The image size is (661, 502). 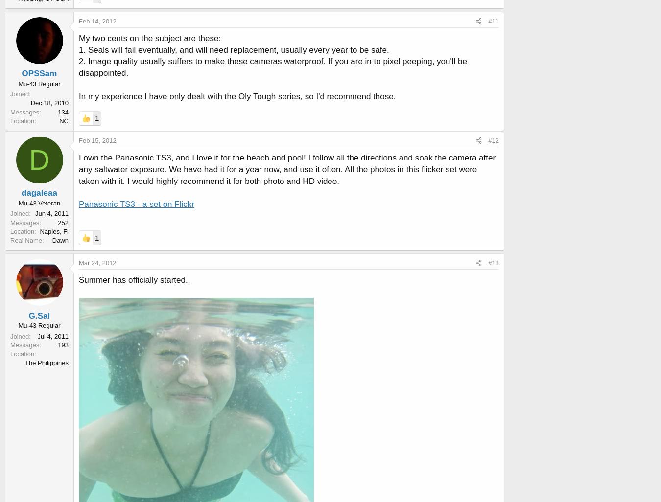 I want to click on 'My two cents on the subject are these:', so click(x=149, y=37).